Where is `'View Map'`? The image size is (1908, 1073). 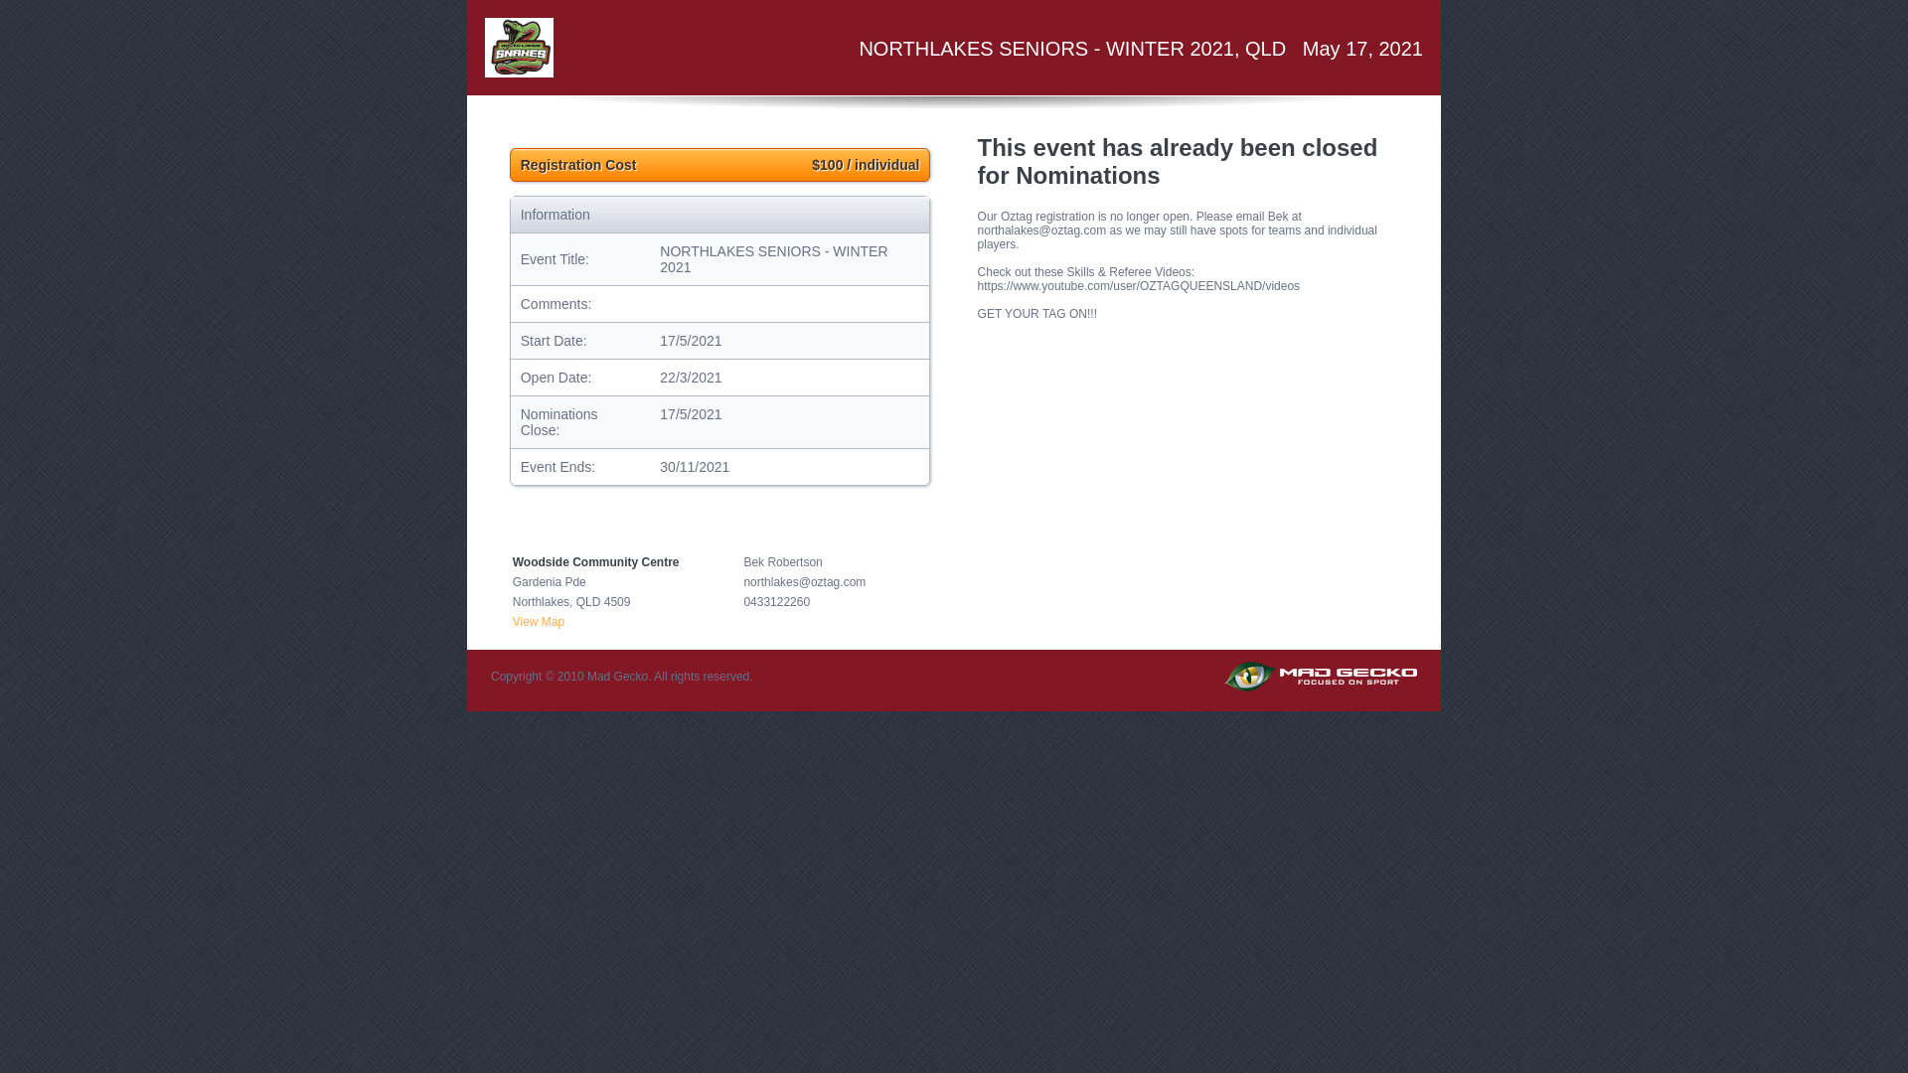
'View Map' is located at coordinates (539, 620).